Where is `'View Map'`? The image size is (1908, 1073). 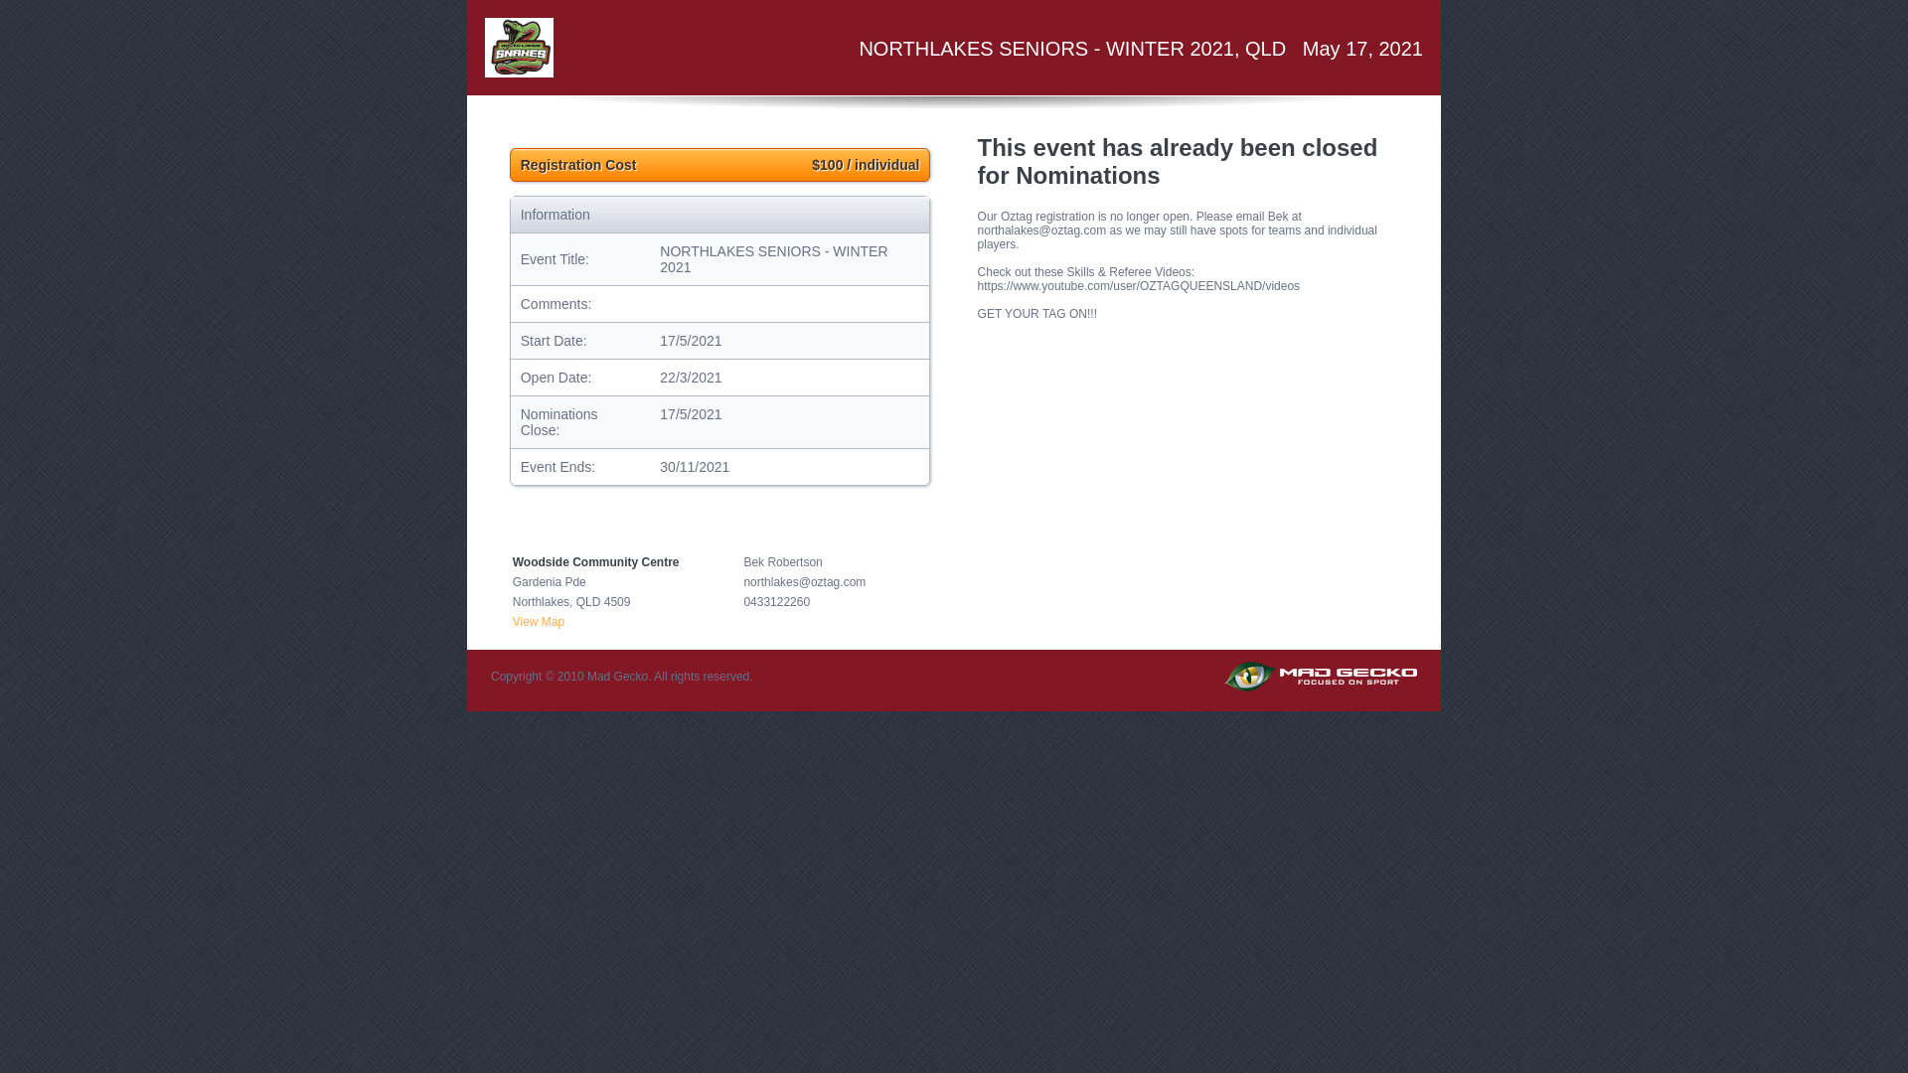
'View Map' is located at coordinates (539, 620).